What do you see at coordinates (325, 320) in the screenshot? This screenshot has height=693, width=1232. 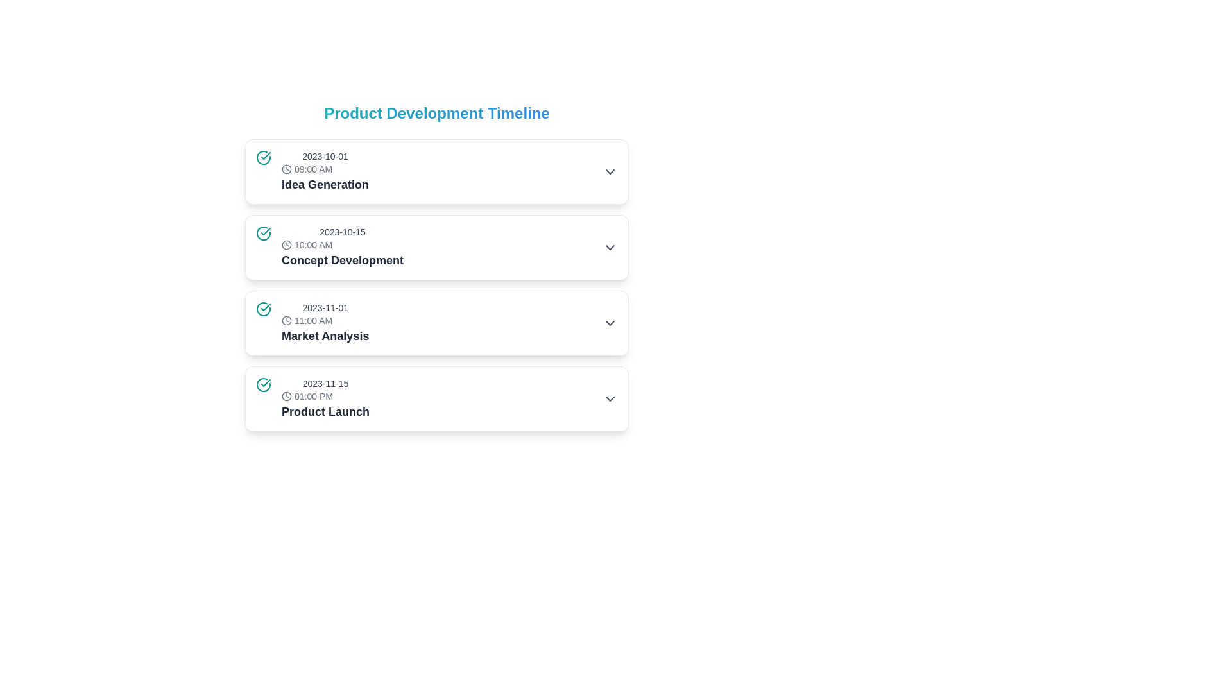 I see `the timestamp element displaying '11:00 AM' for the 'Market Analysis' event in the timeline` at bounding box center [325, 320].